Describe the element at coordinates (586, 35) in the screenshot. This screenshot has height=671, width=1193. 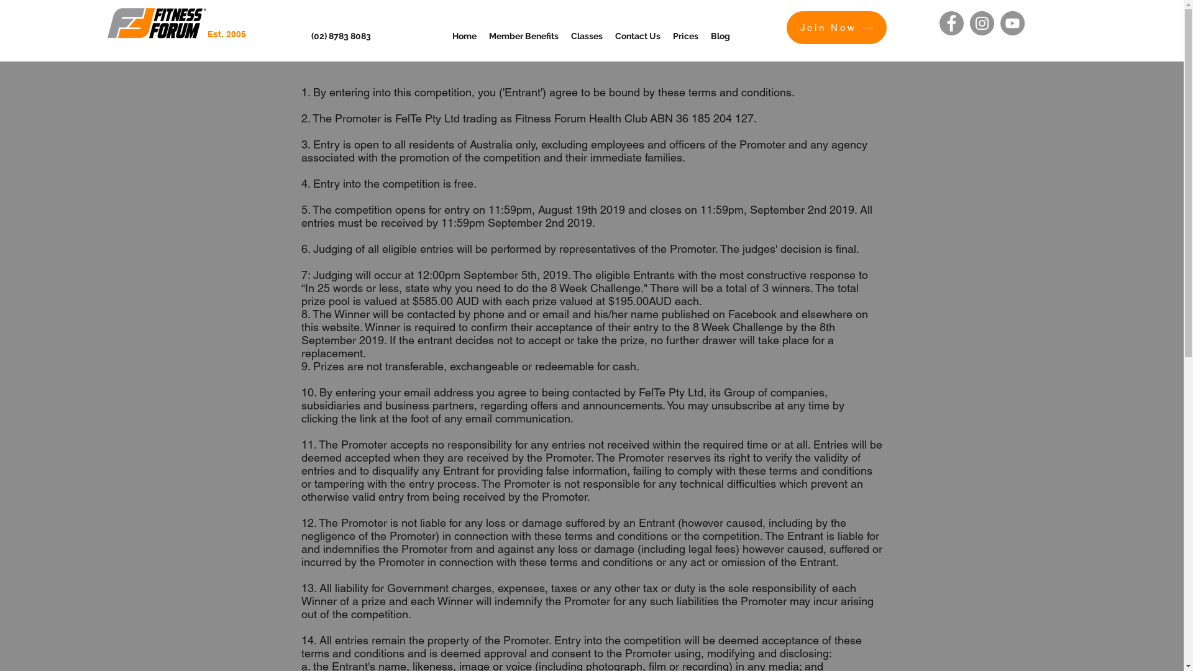
I see `'Classes'` at that location.